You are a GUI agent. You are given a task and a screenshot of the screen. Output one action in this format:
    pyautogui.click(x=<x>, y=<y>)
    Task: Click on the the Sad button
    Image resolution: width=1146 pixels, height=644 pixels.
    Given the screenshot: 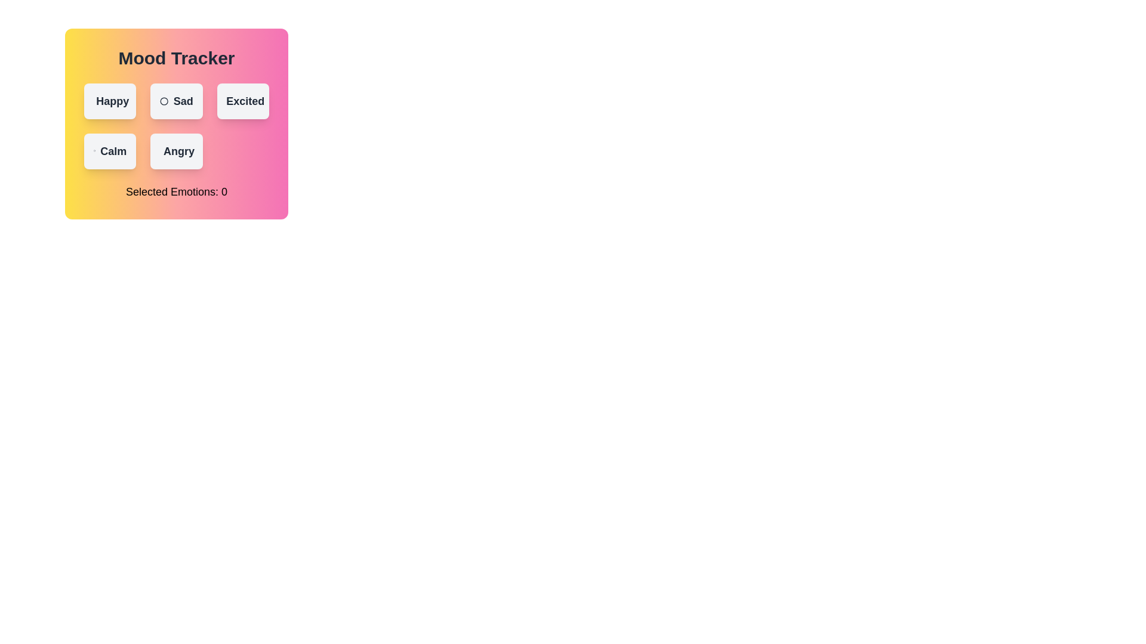 What is the action you would take?
    pyautogui.click(x=175, y=100)
    